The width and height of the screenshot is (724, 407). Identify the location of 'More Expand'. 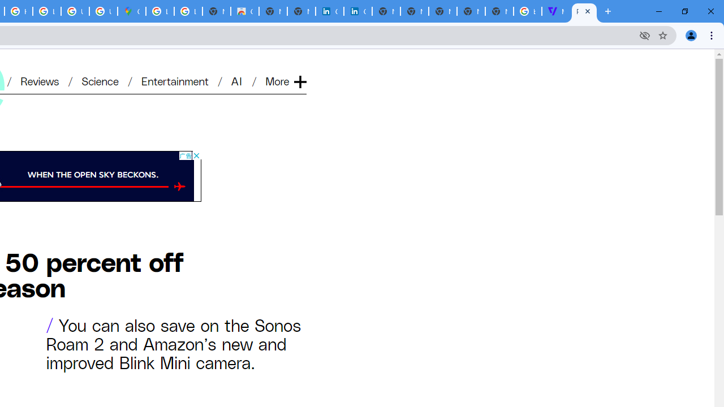
(285, 80).